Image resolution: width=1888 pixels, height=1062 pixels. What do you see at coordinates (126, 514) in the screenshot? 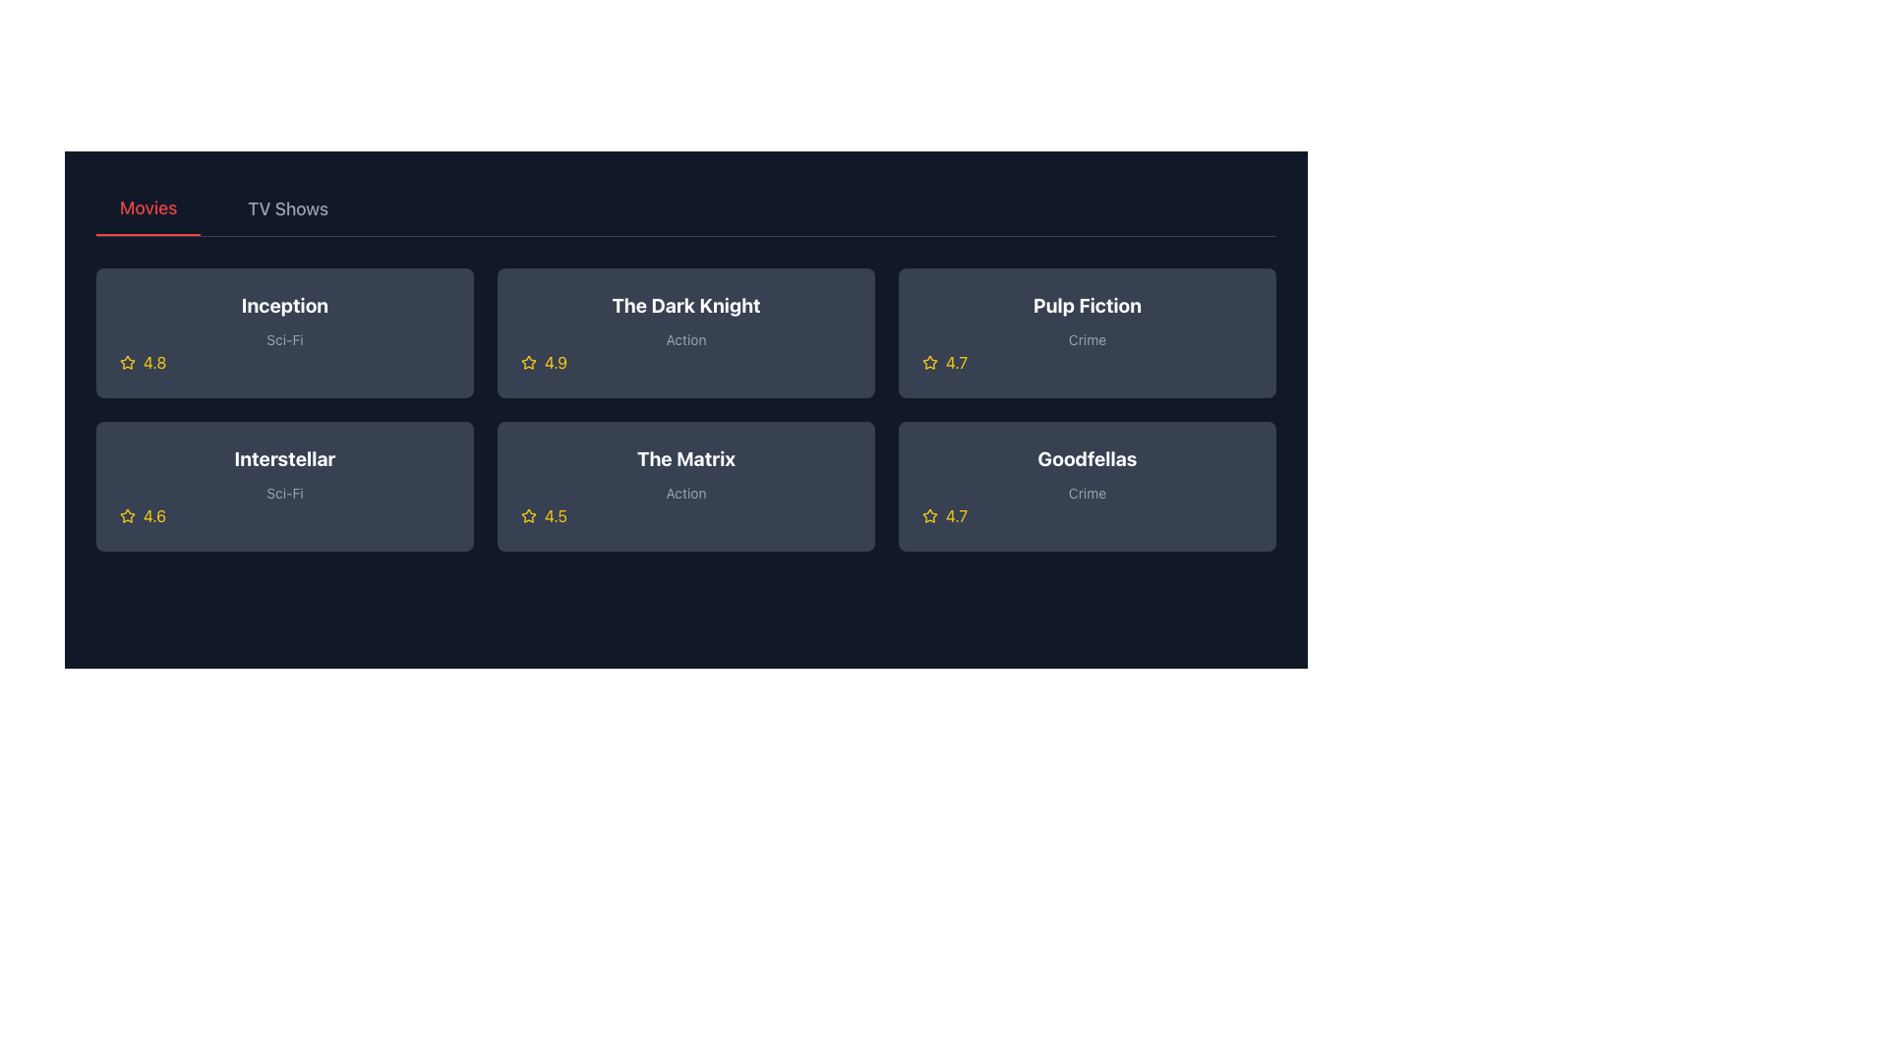
I see `the rating icon for the movie 'Interstellar', located in the bottom row of the movie grid, to the left of the numerical rating value '4.6'` at bounding box center [126, 514].